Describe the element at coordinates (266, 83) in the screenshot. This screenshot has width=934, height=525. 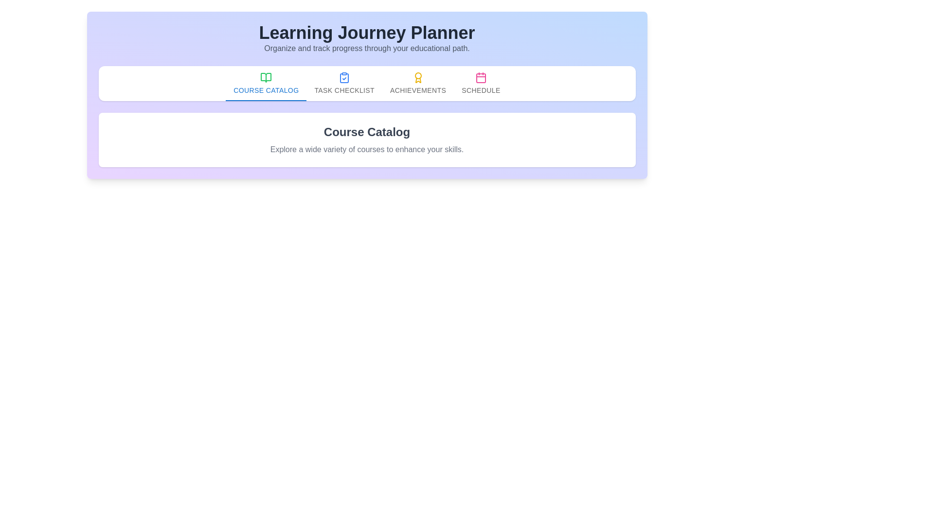
I see `the 'Course Catalog' tab, which is the first tab in the tab group and is highlighted with a blue underline` at that location.